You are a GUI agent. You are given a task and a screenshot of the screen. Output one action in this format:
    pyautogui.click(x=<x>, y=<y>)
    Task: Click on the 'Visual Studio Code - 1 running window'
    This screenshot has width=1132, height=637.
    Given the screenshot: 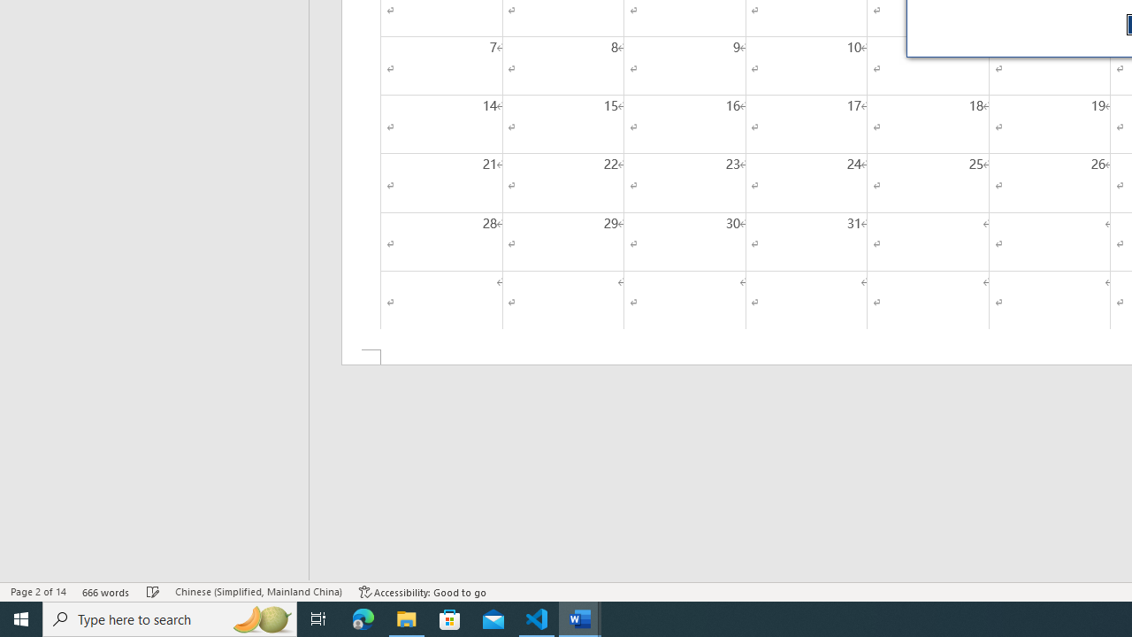 What is the action you would take?
    pyautogui.click(x=536, y=618)
    